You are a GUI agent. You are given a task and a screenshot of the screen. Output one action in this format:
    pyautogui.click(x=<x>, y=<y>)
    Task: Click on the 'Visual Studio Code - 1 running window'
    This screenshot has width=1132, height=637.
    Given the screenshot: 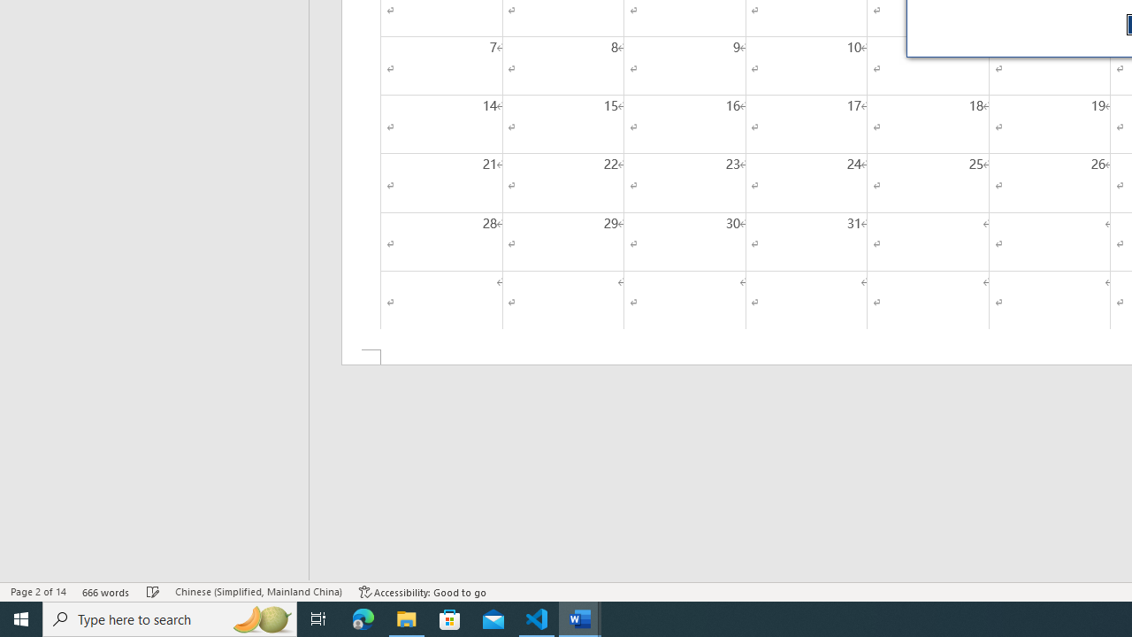 What is the action you would take?
    pyautogui.click(x=536, y=618)
    